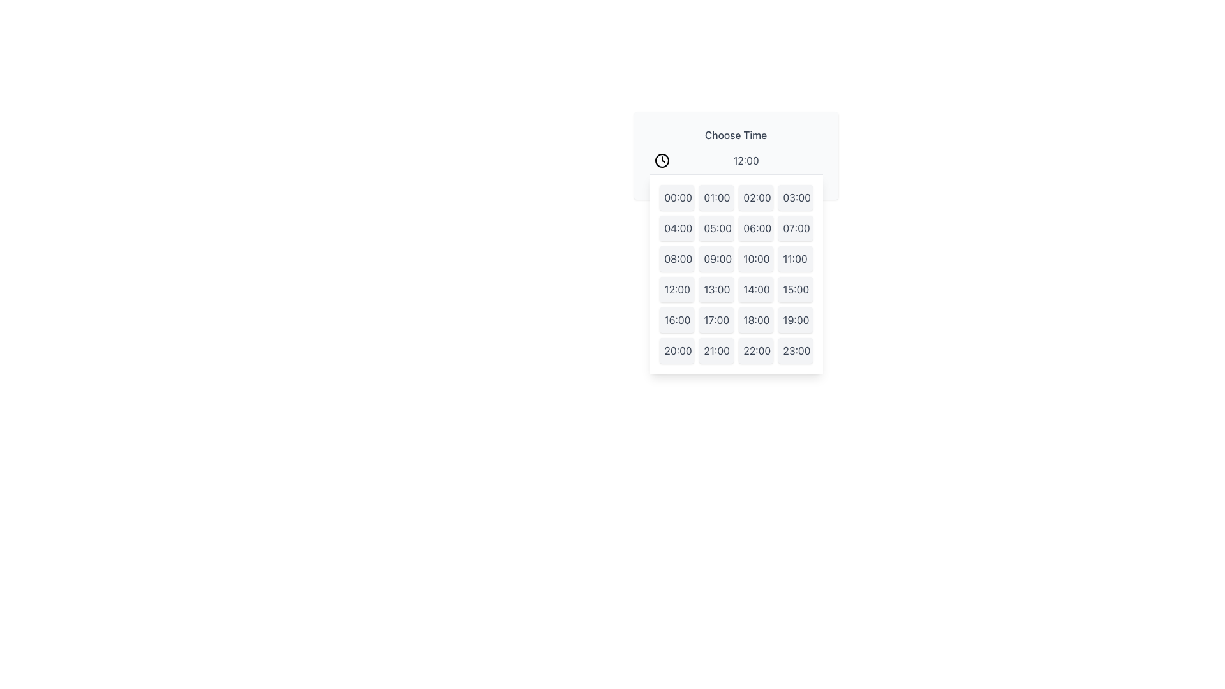  I want to click on the button labeled '04:00' in the second row, first column of the time slots grid, so click(676, 228).